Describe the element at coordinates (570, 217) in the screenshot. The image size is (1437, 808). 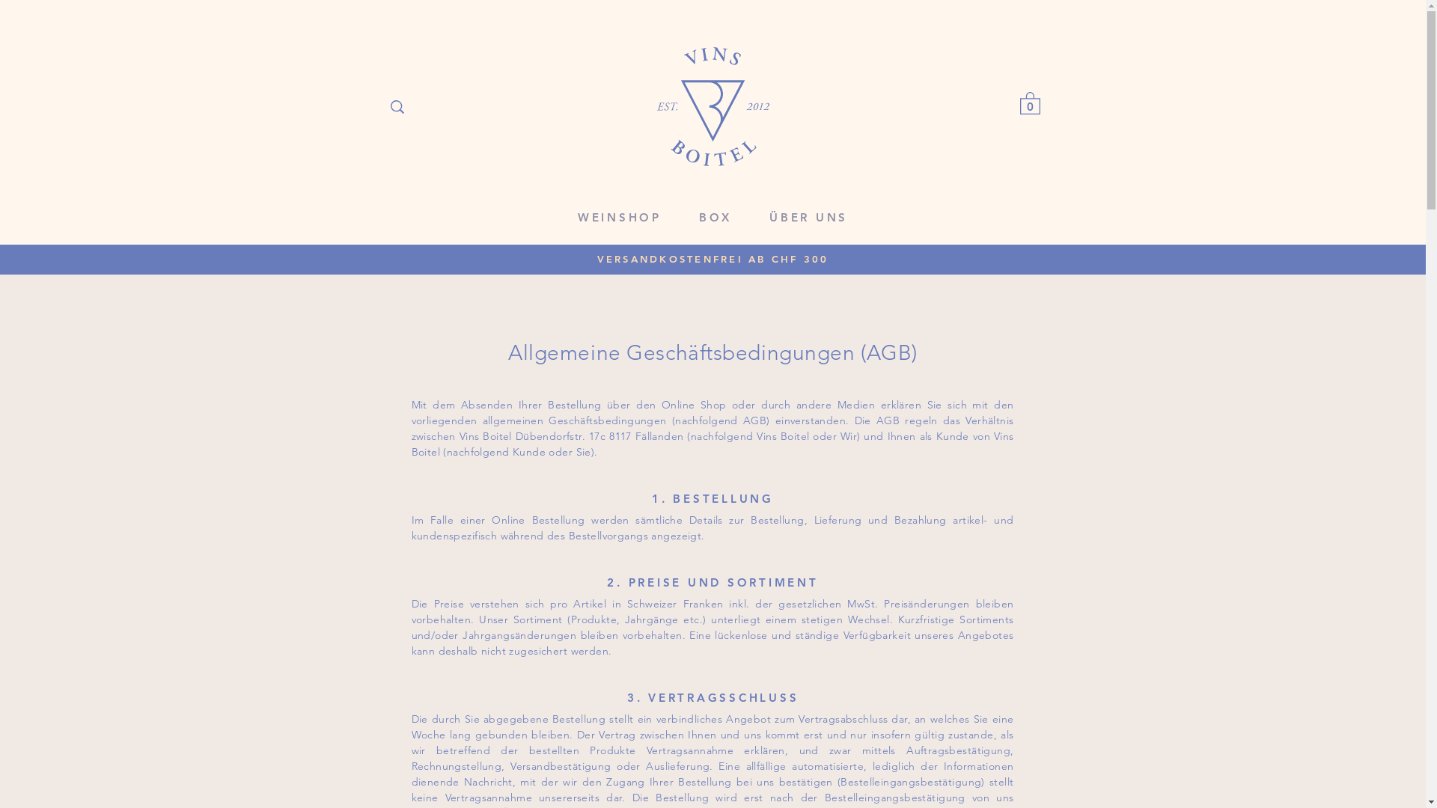
I see `'WEINSHOP'` at that location.